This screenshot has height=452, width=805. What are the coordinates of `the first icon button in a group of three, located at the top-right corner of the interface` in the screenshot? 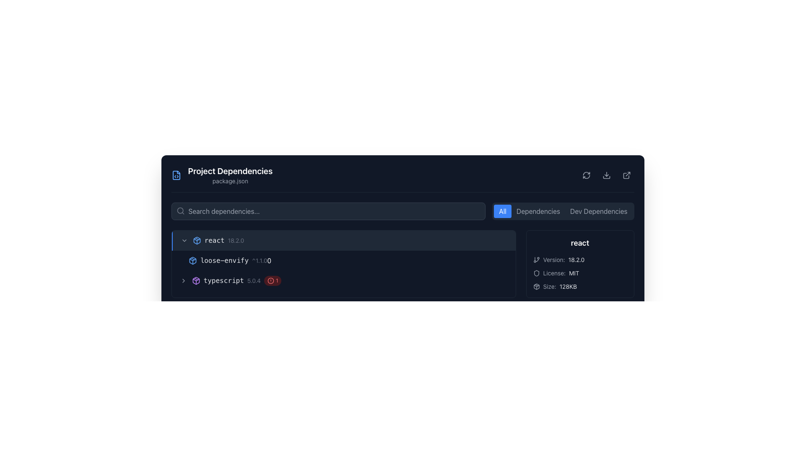 It's located at (586, 175).